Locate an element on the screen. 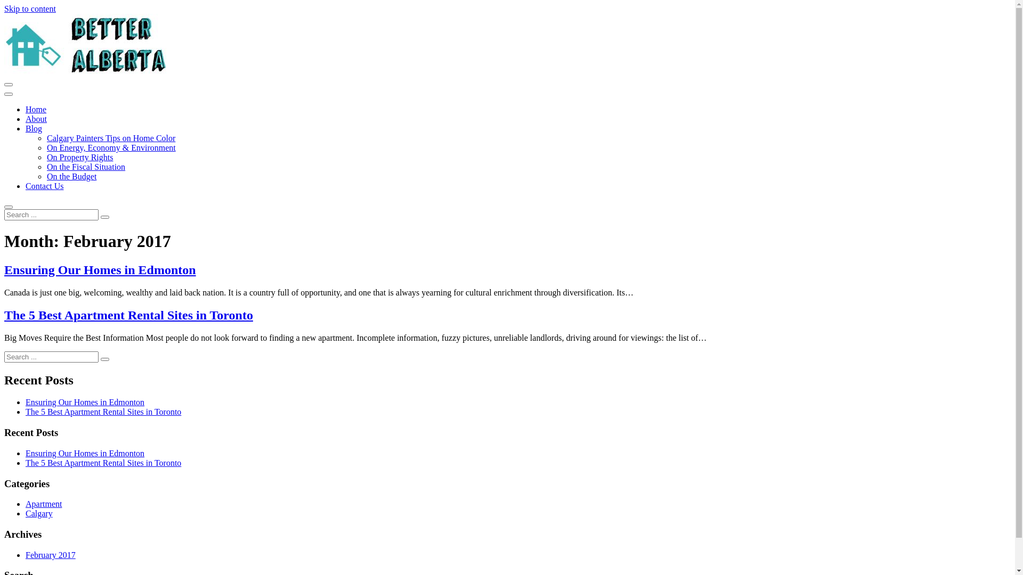  'Skip to content' is located at coordinates (30, 9).